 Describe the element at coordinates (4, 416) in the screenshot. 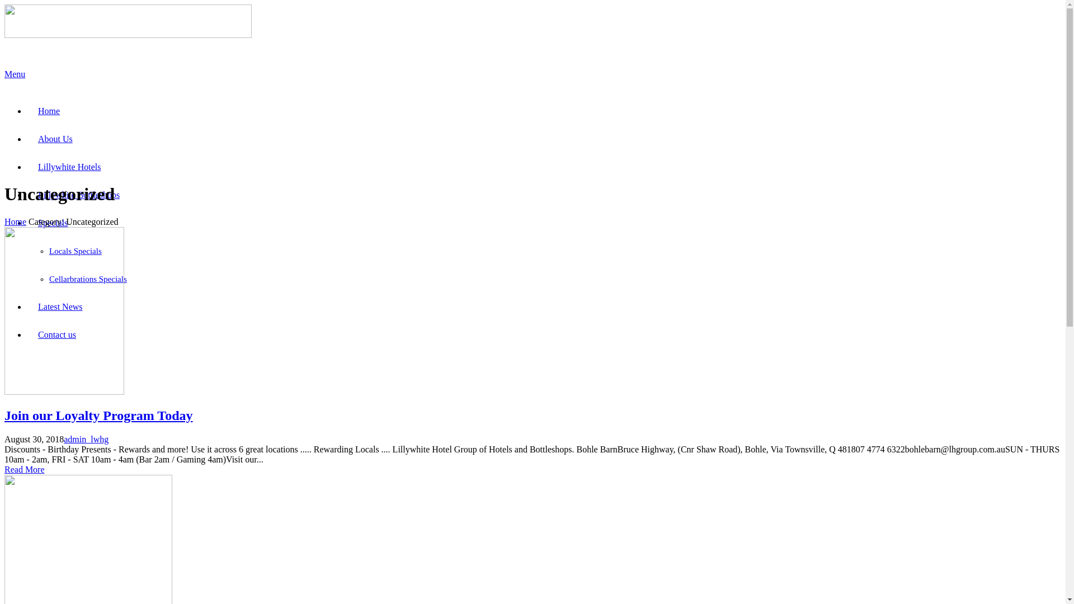

I see `'Join our Loyalty Program Today'` at that location.